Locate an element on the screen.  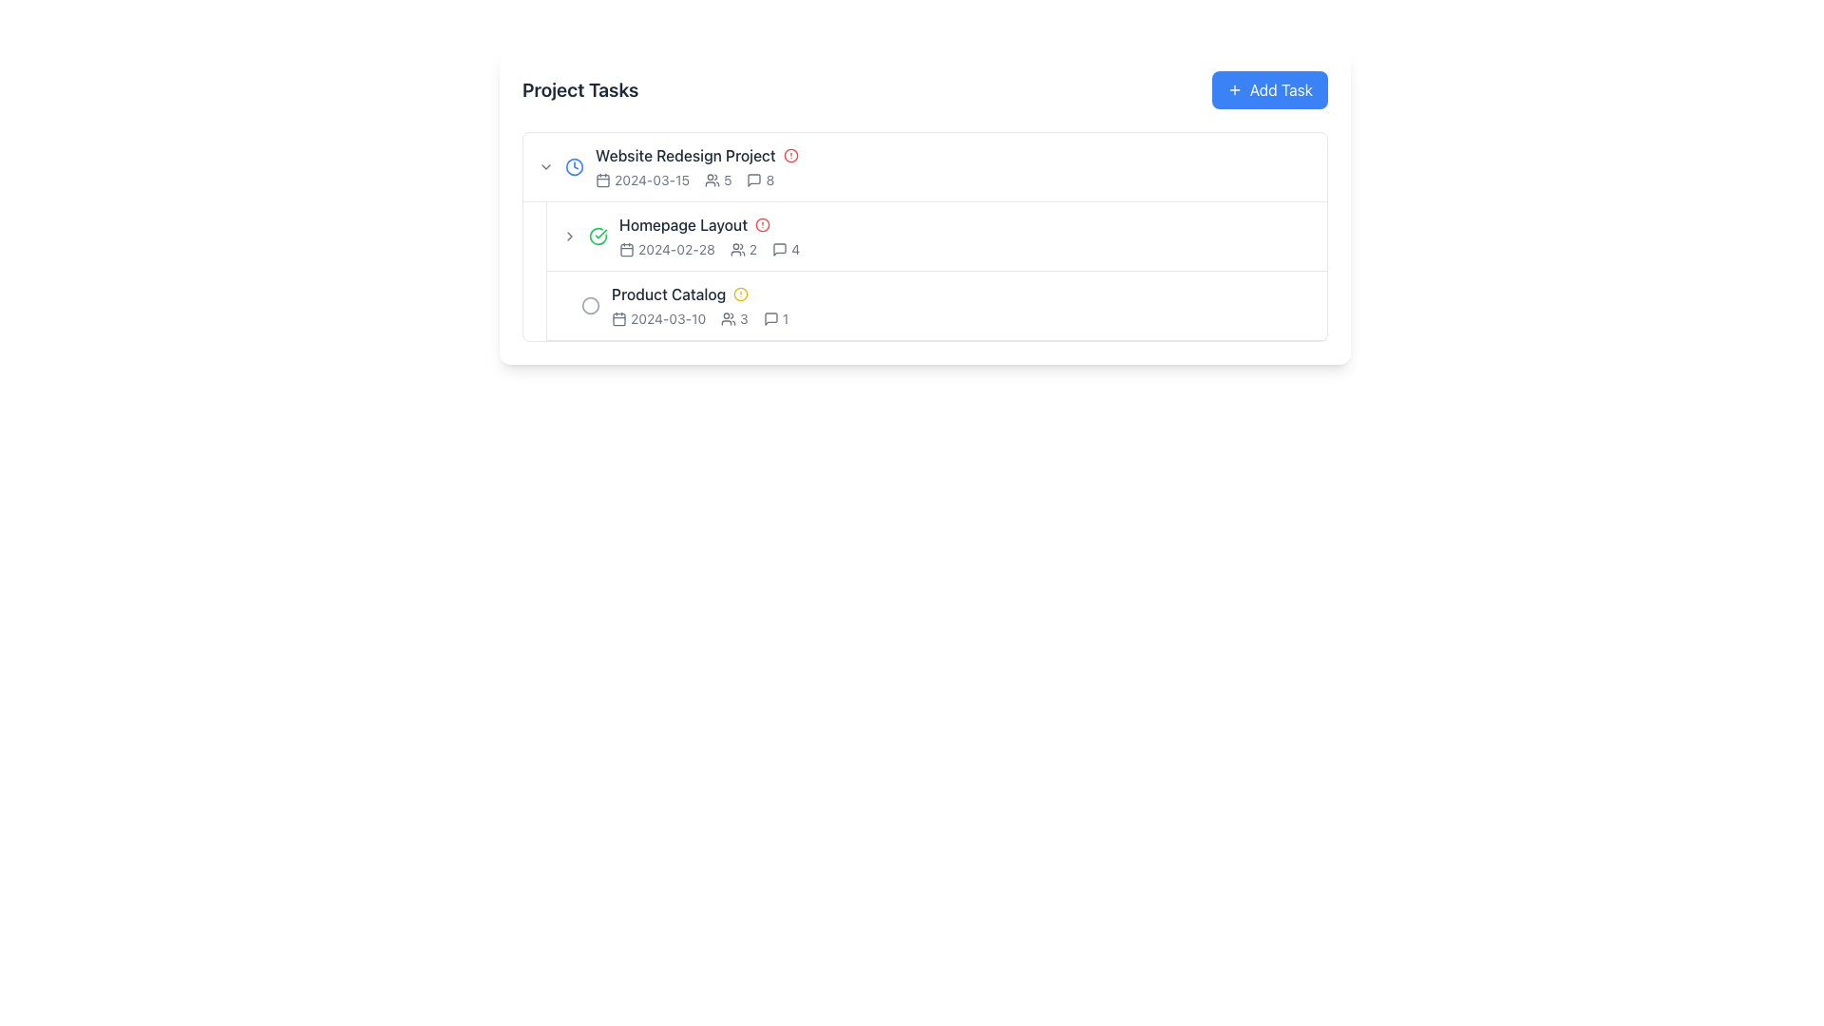
the date display text '2024-02-28' to read it is located at coordinates (667, 248).